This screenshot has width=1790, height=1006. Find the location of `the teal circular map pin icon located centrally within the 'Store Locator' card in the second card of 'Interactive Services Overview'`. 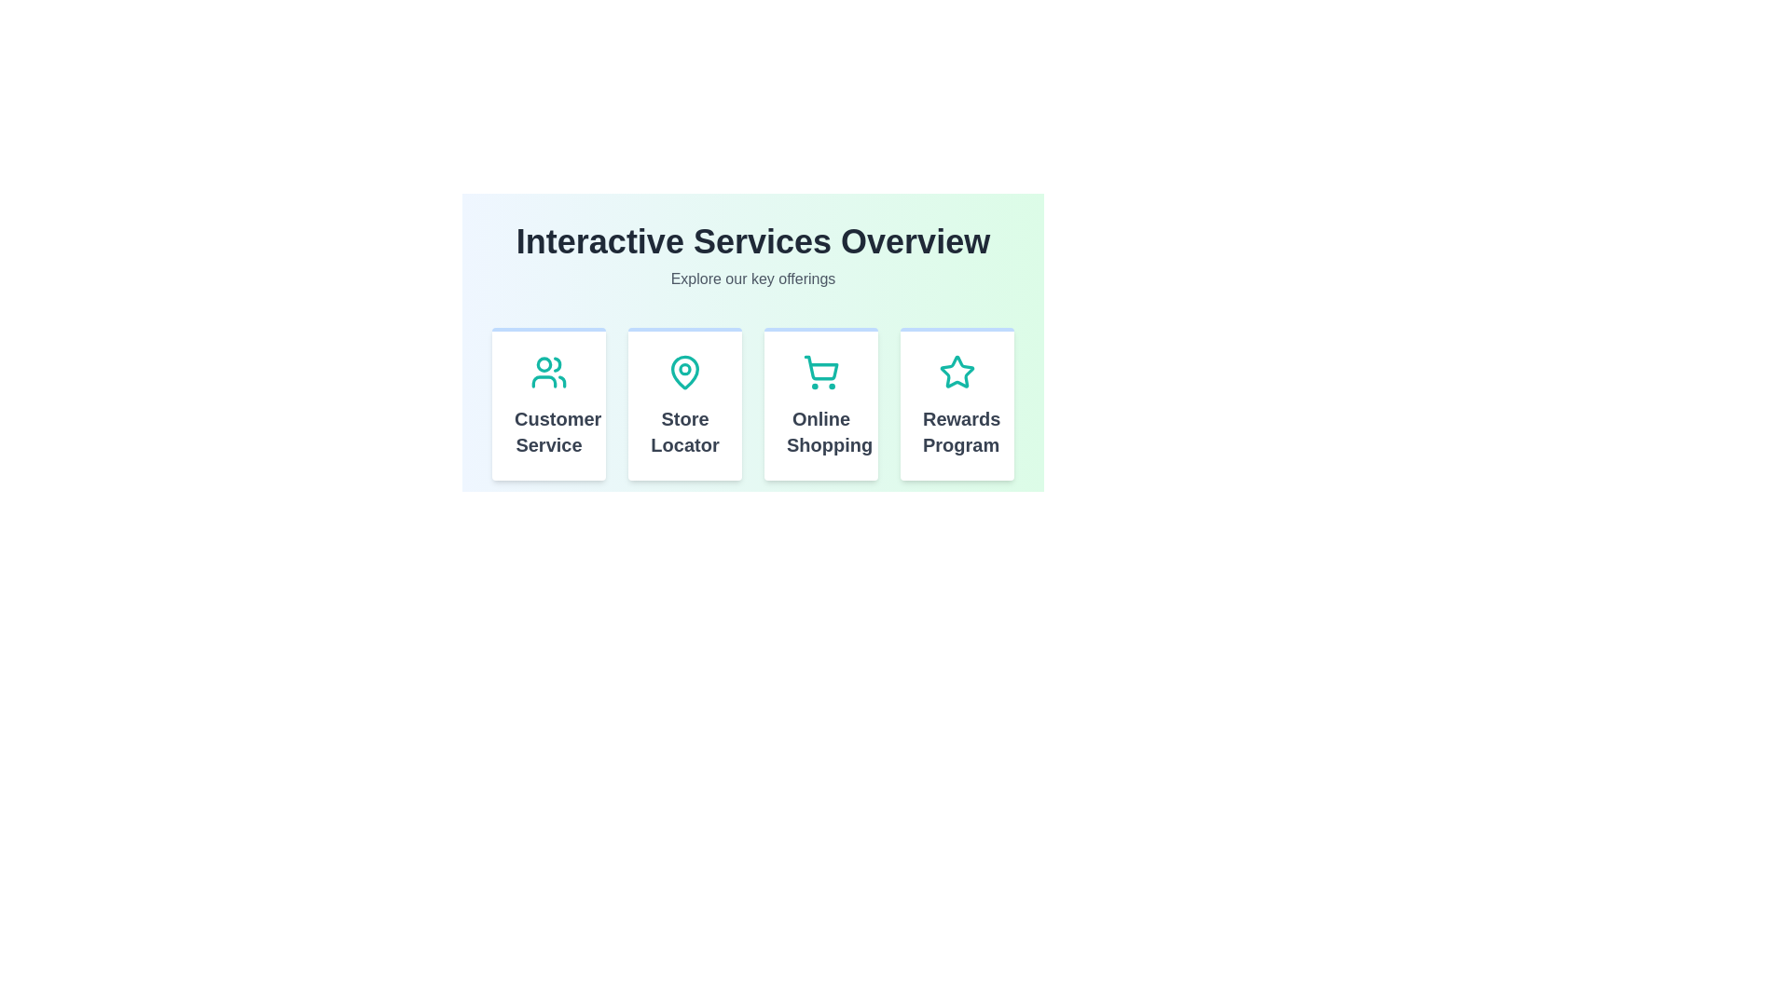

the teal circular map pin icon located centrally within the 'Store Locator' card in the second card of 'Interactive Services Overview' is located at coordinates (683, 373).